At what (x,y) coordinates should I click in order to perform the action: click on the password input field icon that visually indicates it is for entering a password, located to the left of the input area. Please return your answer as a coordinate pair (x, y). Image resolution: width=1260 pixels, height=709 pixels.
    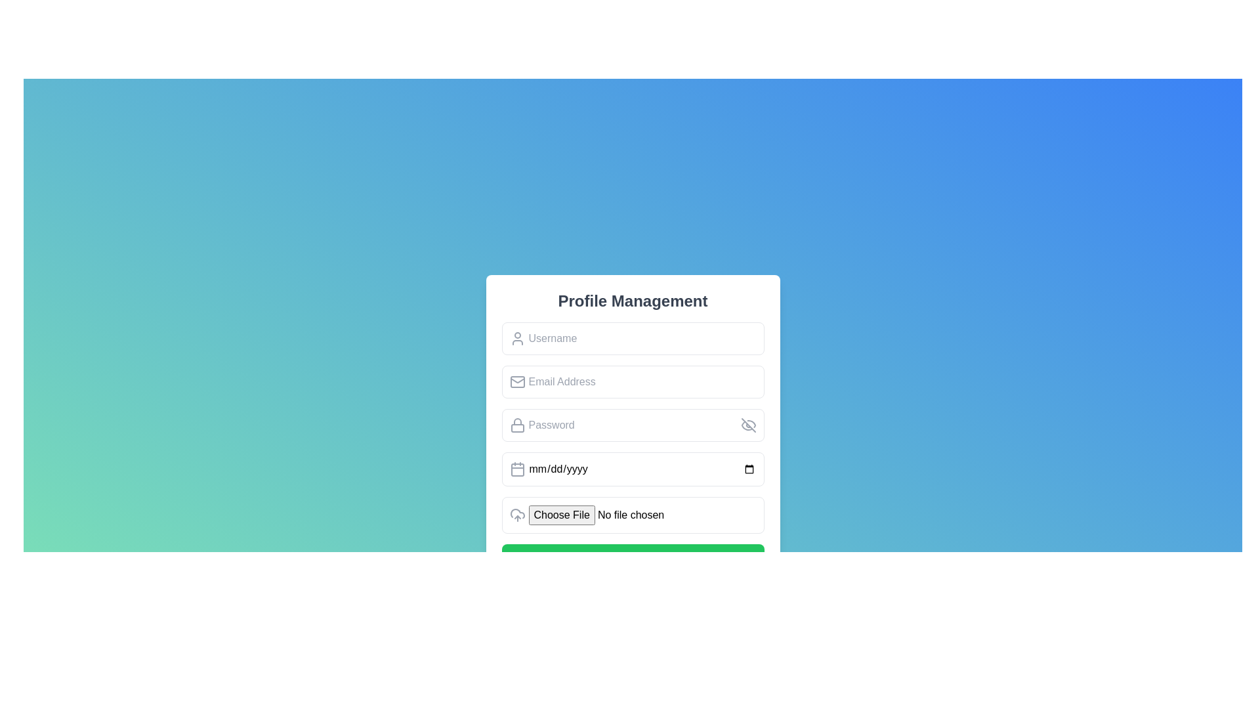
    Looking at the image, I should click on (516, 425).